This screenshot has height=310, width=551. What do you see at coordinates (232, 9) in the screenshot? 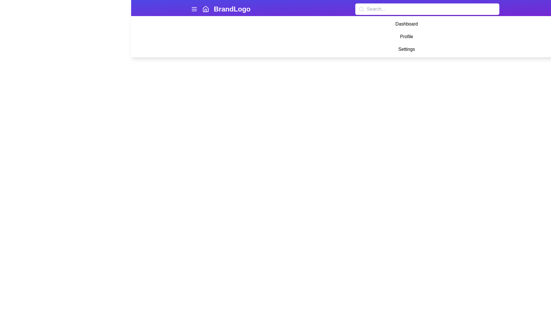
I see `text 'BrandLogo' from the prominent text label located in the center of the top purple navigation bar` at bounding box center [232, 9].